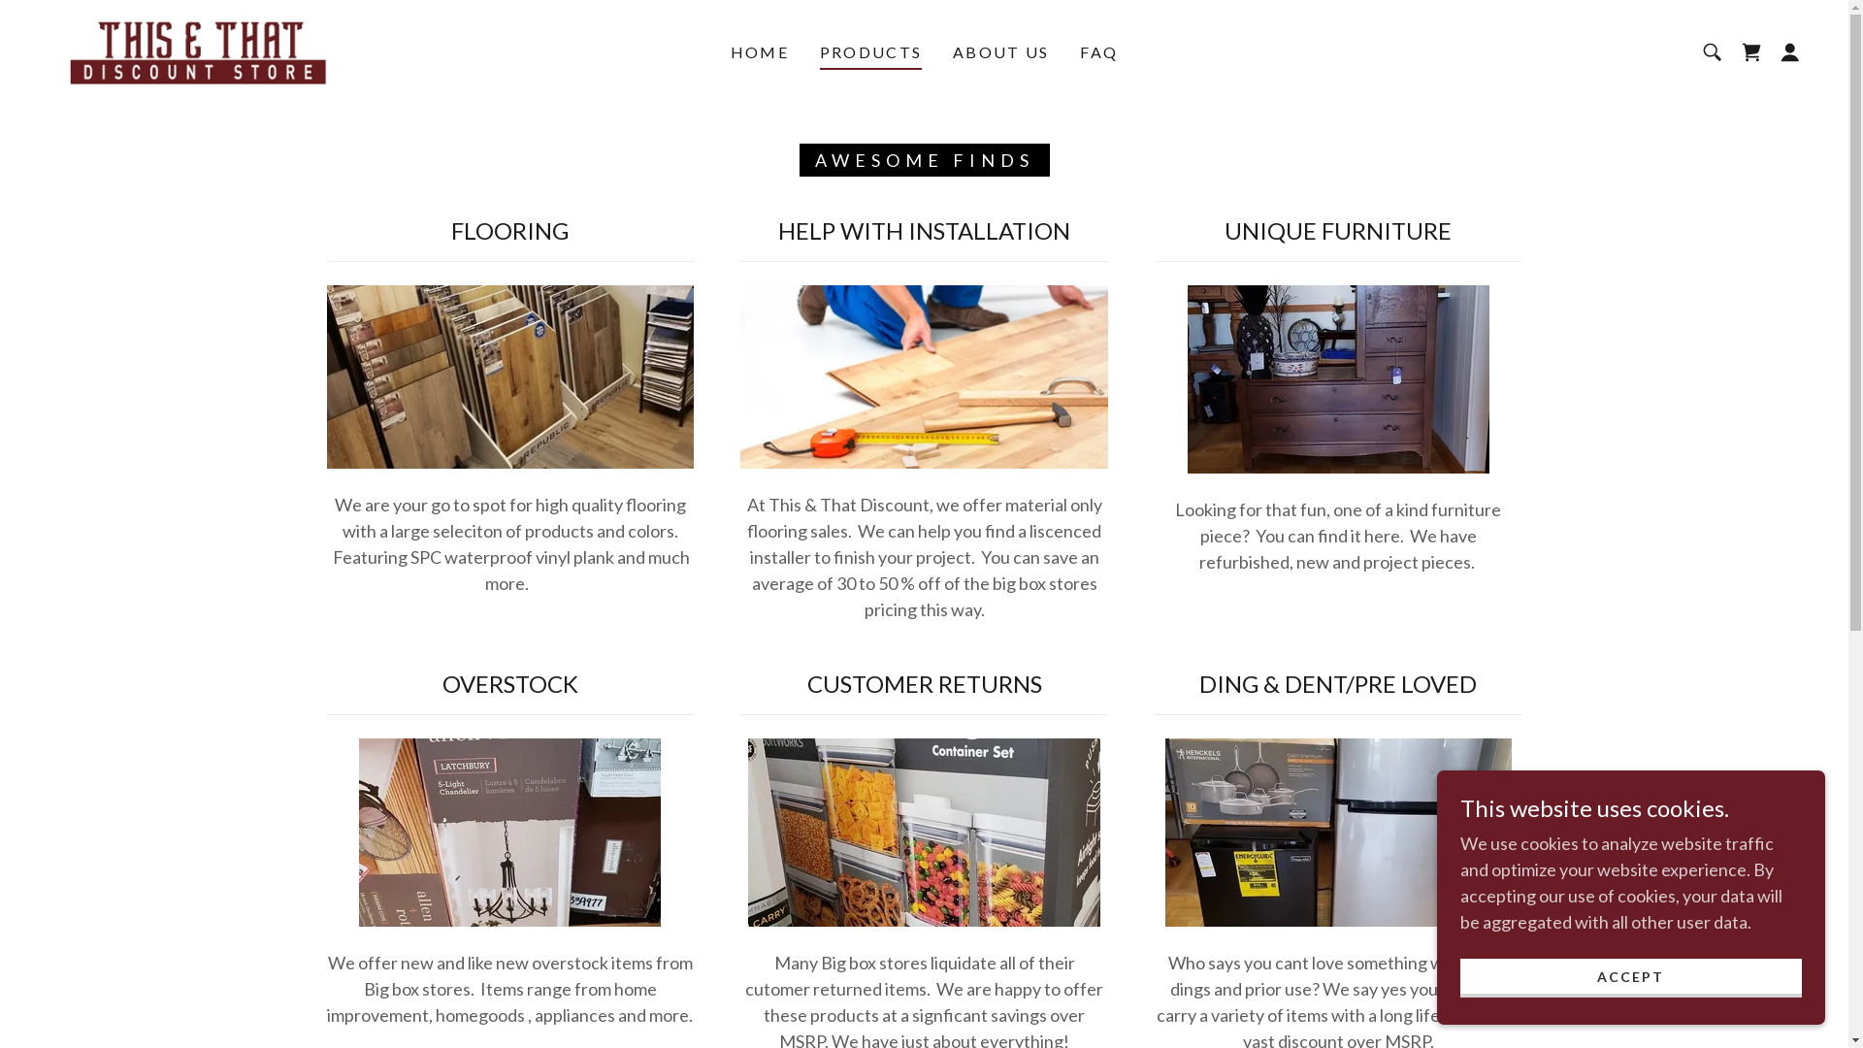 This screenshot has width=1863, height=1048. Describe the element at coordinates (200, 48) in the screenshot. I see `'This & That Discount Store'` at that location.